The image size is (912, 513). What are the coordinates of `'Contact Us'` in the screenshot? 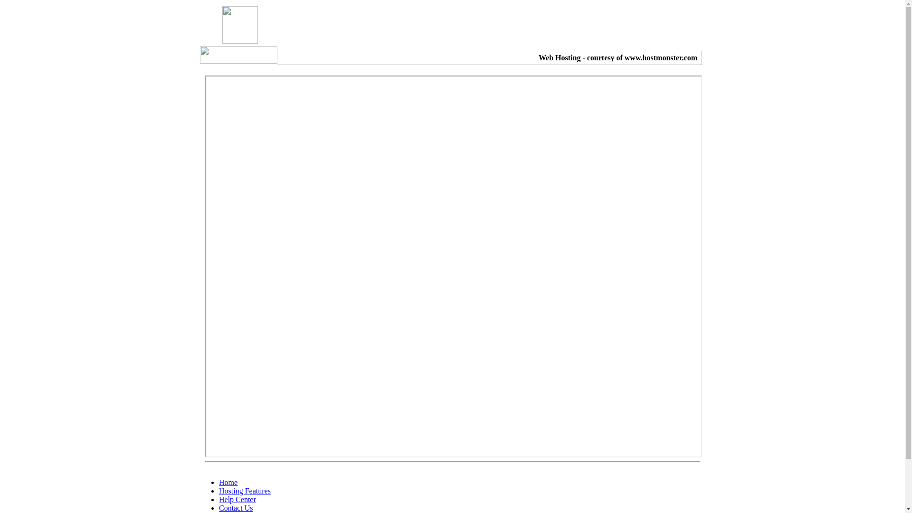 It's located at (236, 507).